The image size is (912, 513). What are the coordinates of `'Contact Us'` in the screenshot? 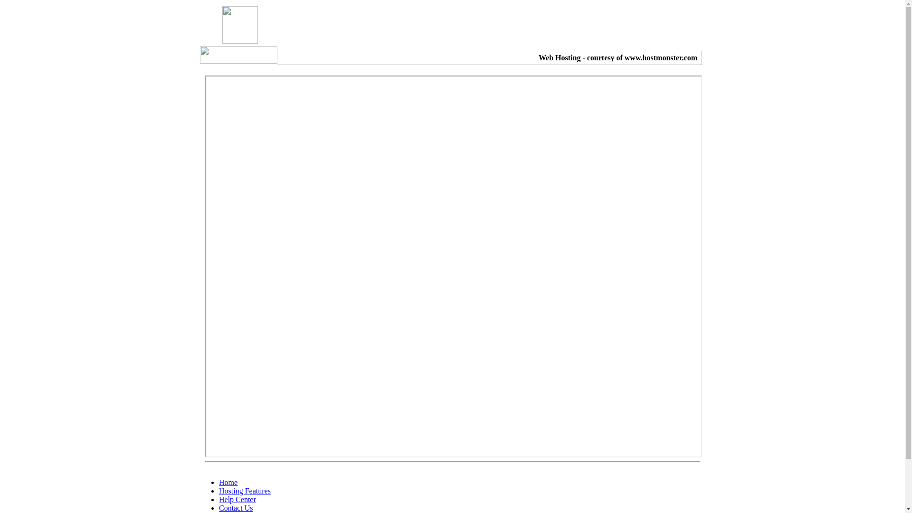 It's located at (236, 507).